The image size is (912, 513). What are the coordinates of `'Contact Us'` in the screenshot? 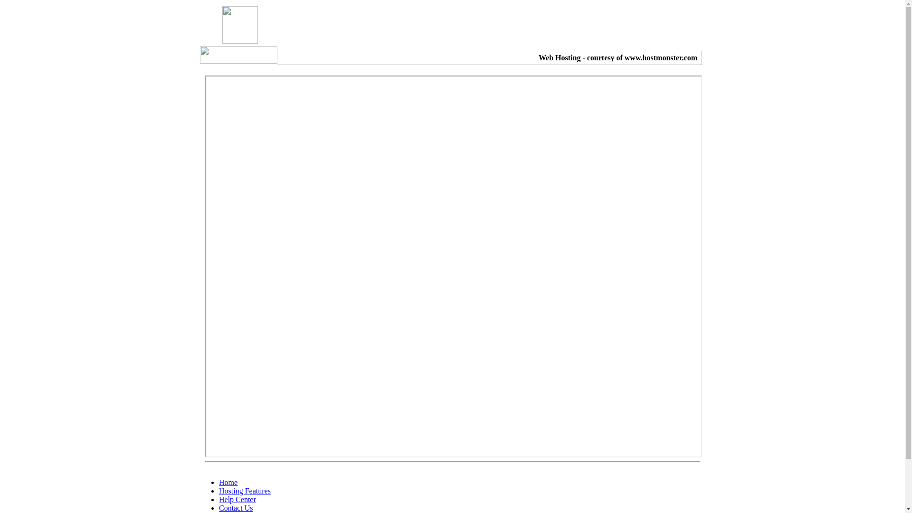 It's located at (236, 507).